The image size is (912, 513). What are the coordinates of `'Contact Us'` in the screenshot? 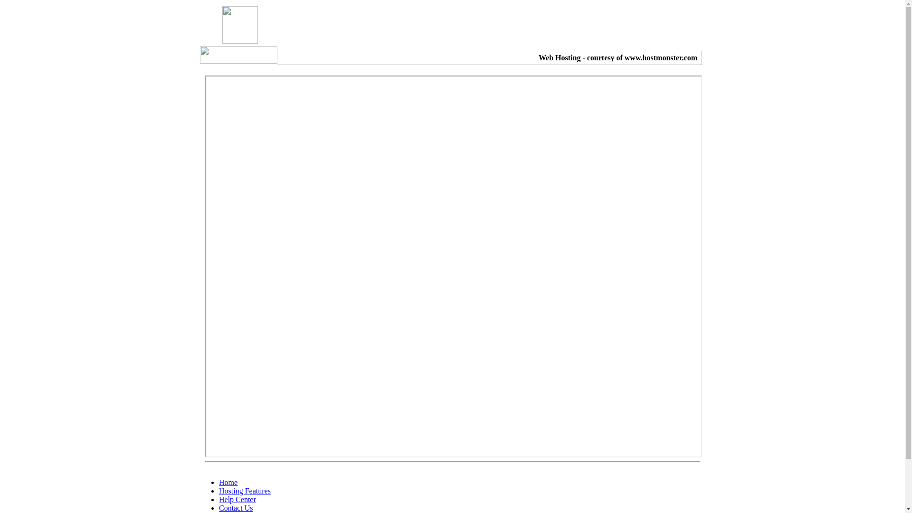 It's located at (236, 507).